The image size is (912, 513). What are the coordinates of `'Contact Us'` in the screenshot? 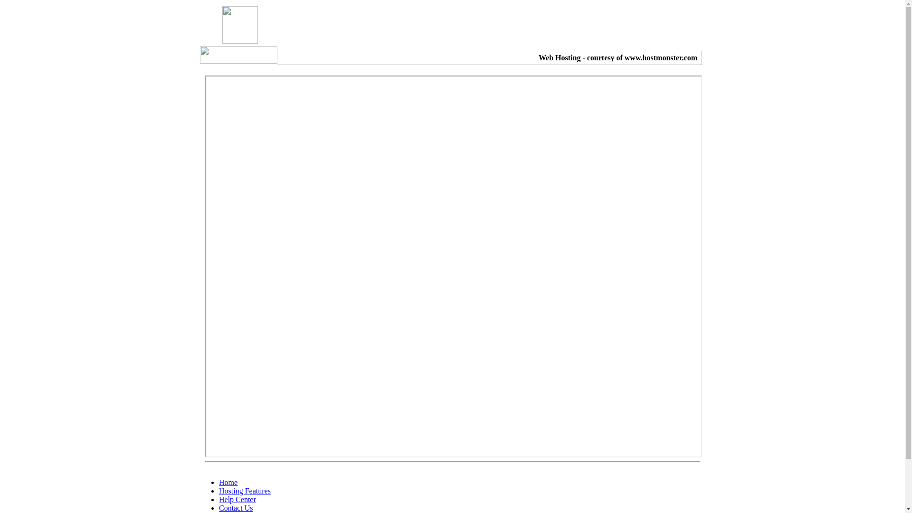 It's located at (236, 507).